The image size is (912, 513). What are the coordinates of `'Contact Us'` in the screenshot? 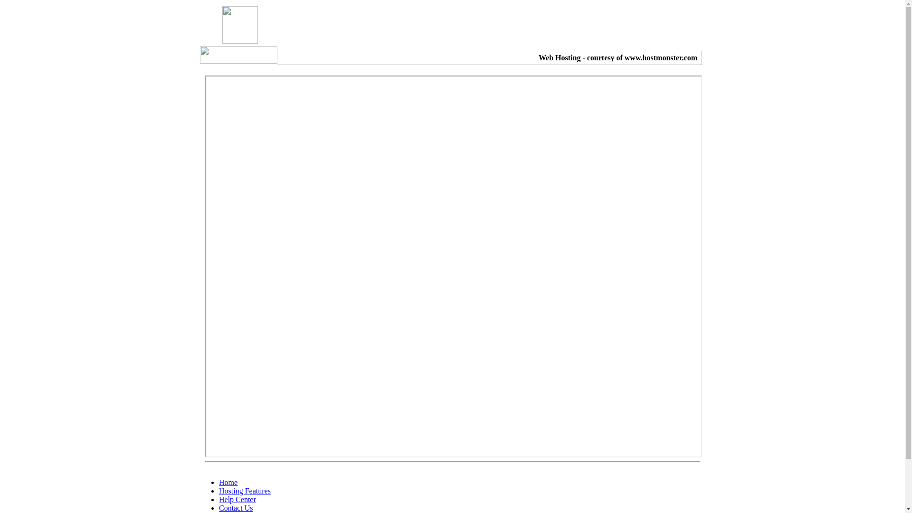 It's located at (236, 507).